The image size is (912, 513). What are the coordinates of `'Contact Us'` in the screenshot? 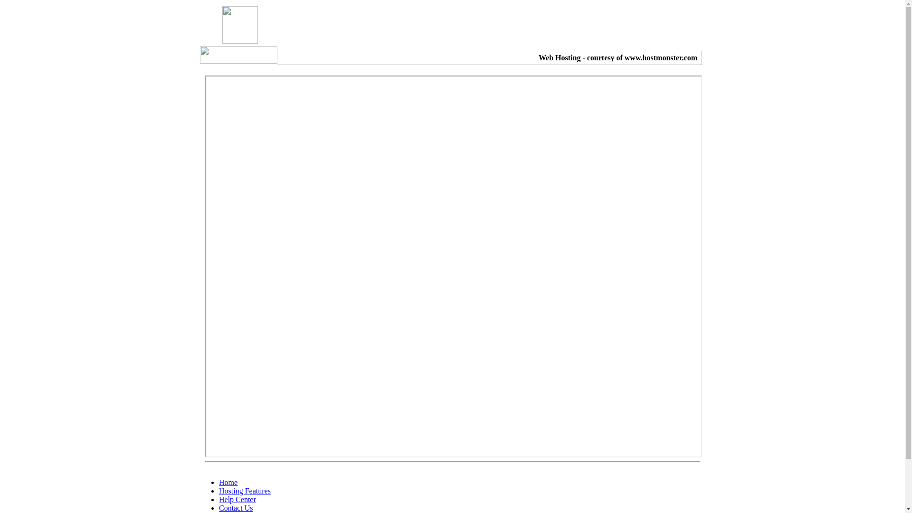 It's located at (236, 507).